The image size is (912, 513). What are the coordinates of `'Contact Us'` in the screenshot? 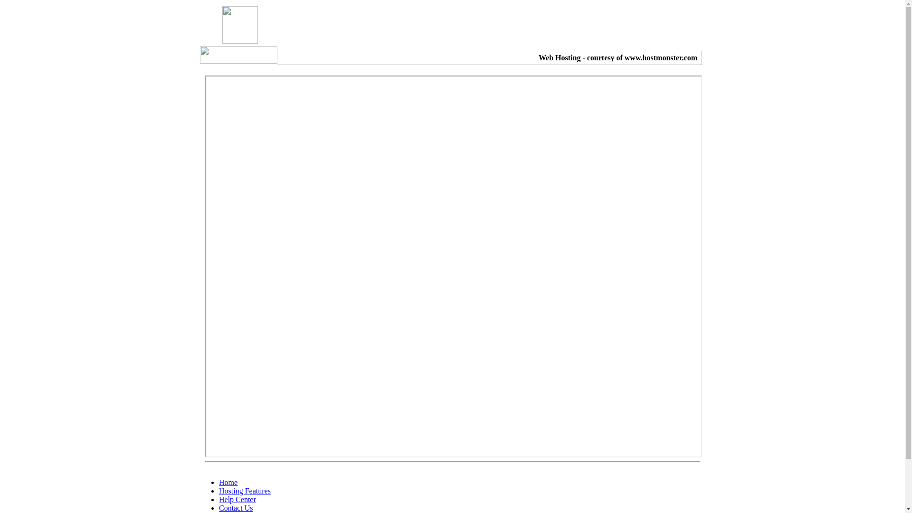 It's located at (236, 507).